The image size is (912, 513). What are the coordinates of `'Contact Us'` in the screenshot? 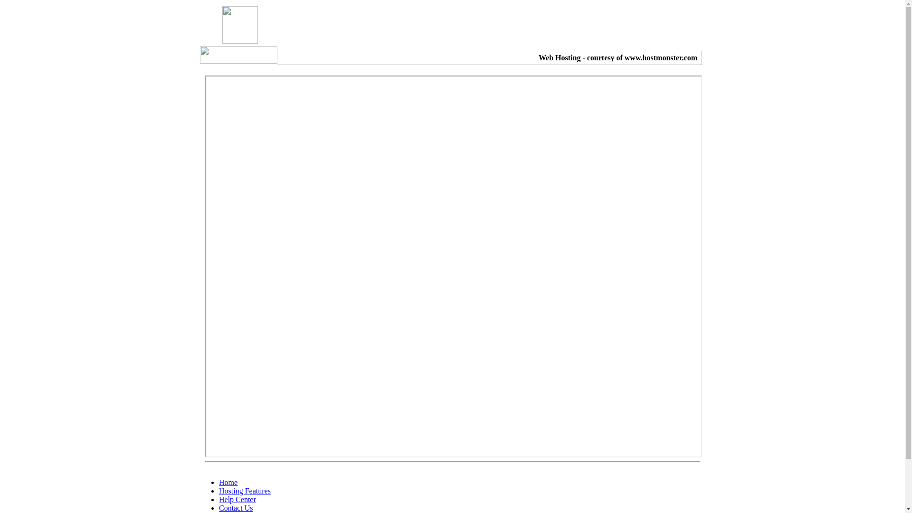 It's located at (236, 507).